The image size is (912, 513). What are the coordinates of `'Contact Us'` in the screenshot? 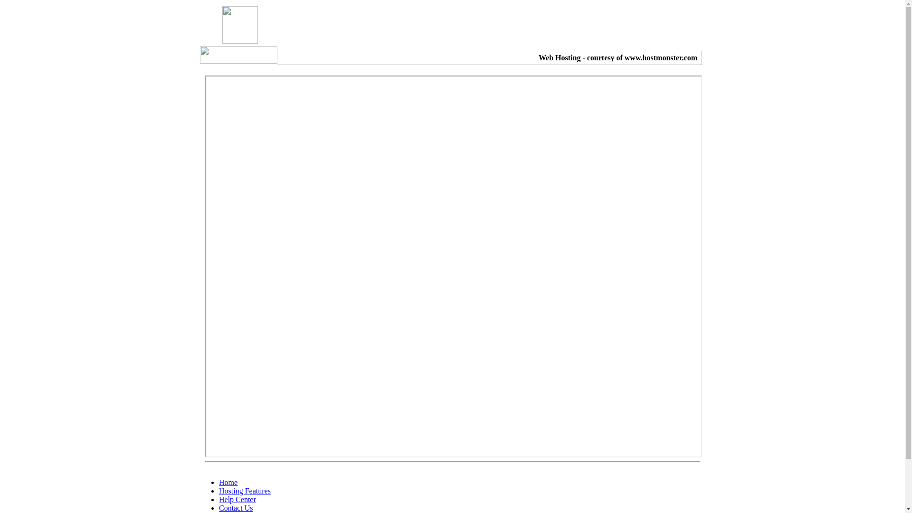 It's located at (236, 507).